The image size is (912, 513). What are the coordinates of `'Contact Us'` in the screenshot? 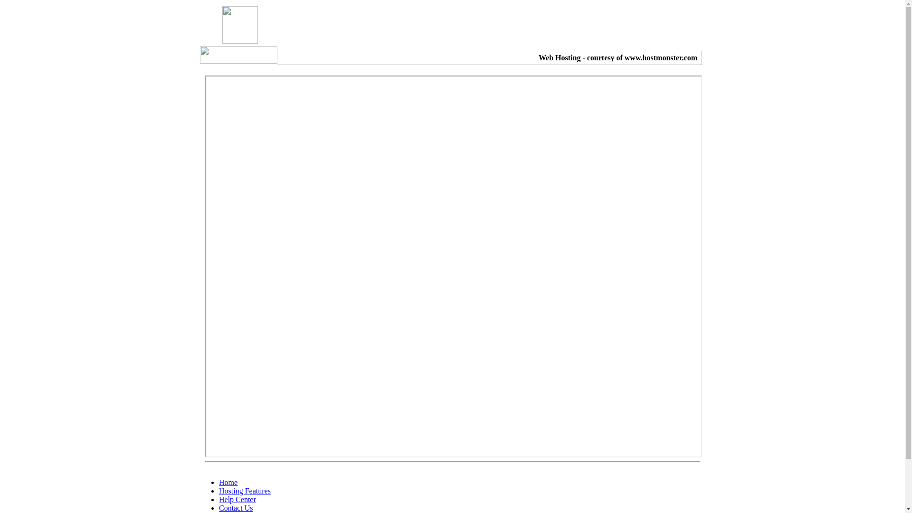 It's located at (236, 507).